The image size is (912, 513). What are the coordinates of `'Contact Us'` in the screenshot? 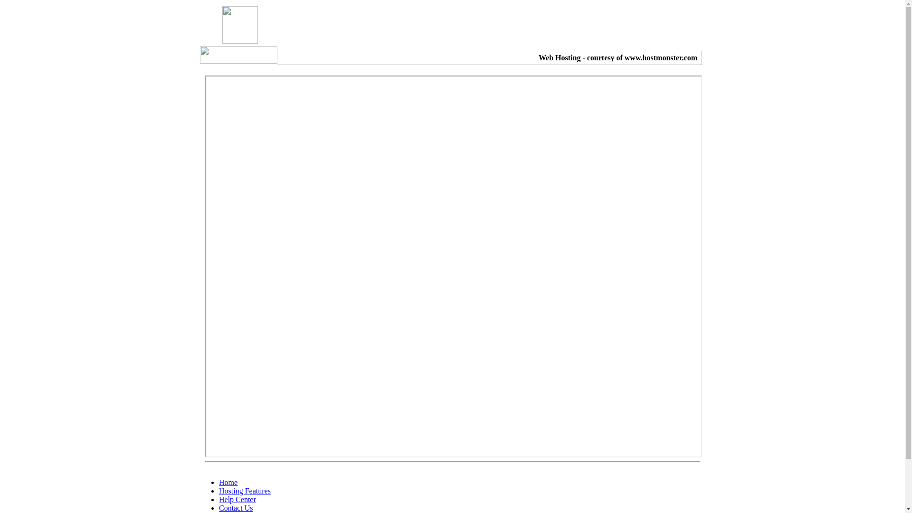 It's located at (236, 507).